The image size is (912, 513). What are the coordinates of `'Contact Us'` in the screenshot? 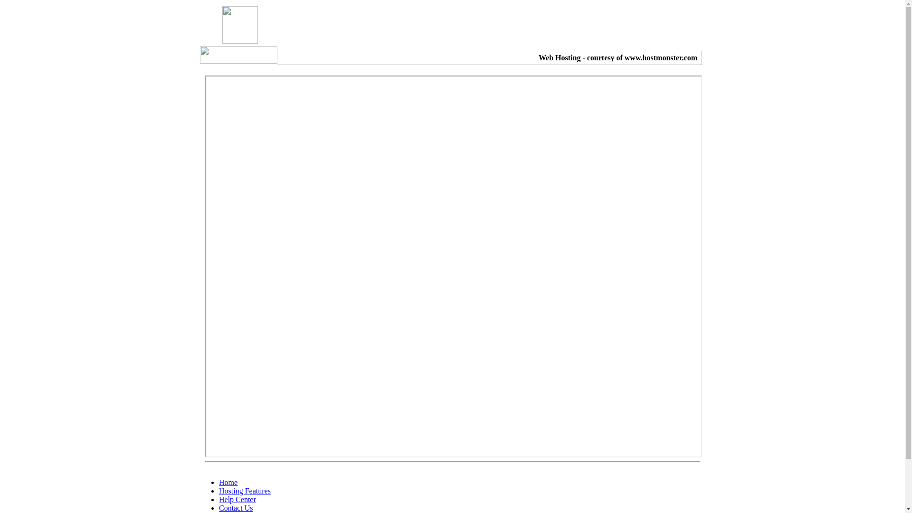 It's located at (236, 507).